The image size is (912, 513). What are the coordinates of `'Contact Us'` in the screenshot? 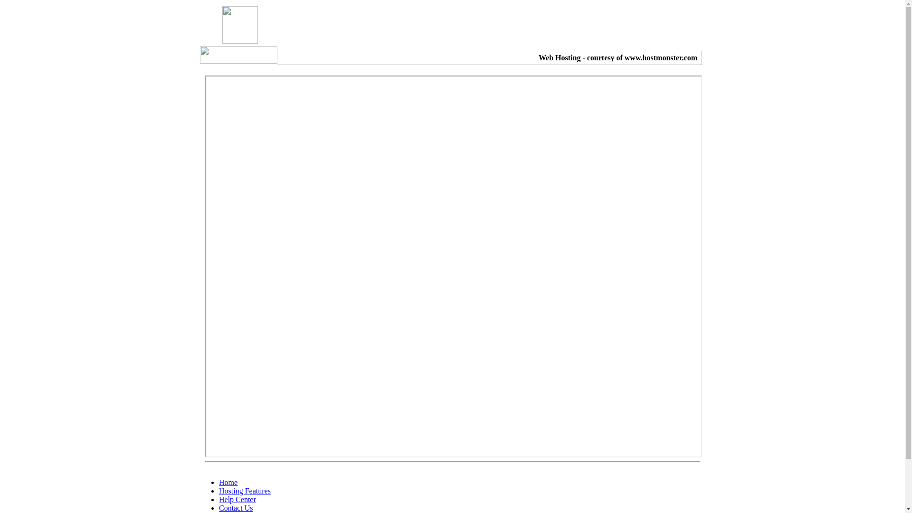 It's located at (236, 507).